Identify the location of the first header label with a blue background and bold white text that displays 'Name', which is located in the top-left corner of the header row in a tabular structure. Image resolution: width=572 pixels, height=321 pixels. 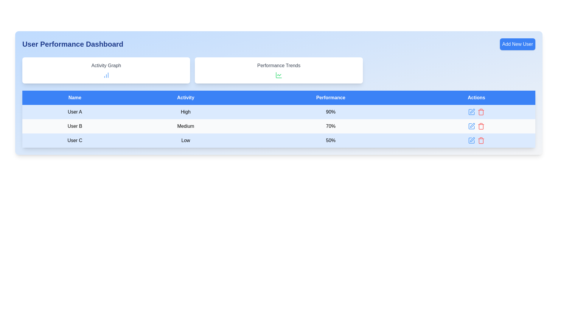
(74, 97).